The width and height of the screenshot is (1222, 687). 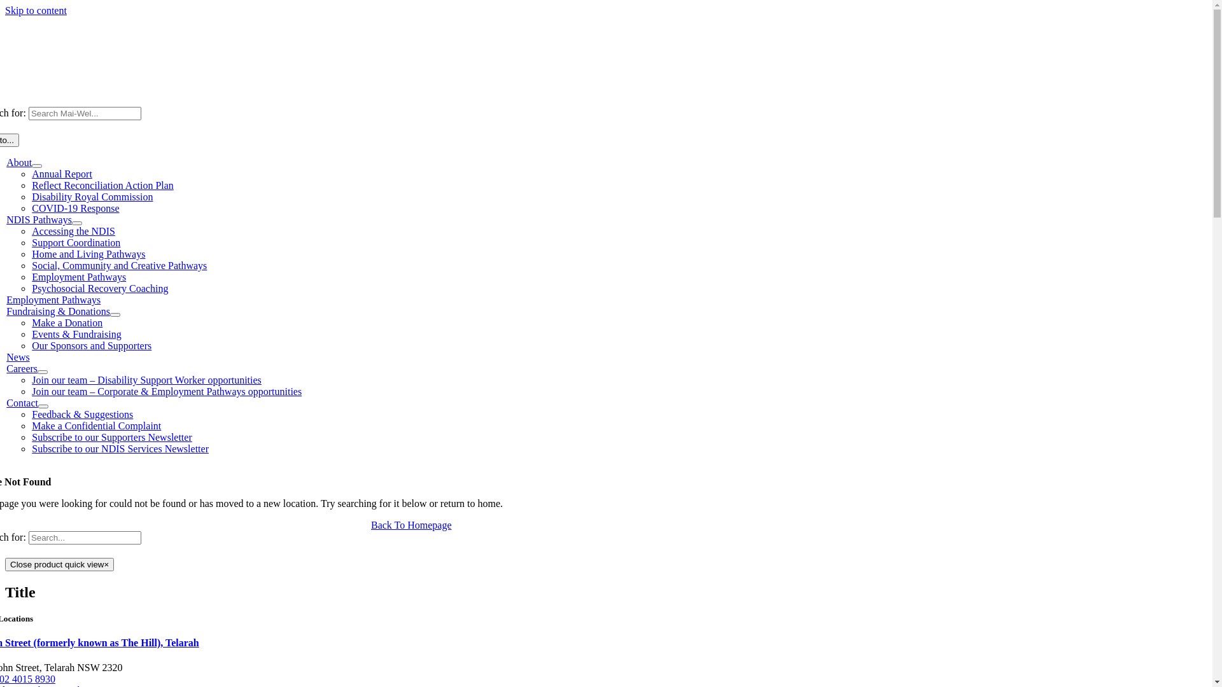 What do you see at coordinates (18, 162) in the screenshot?
I see `'About'` at bounding box center [18, 162].